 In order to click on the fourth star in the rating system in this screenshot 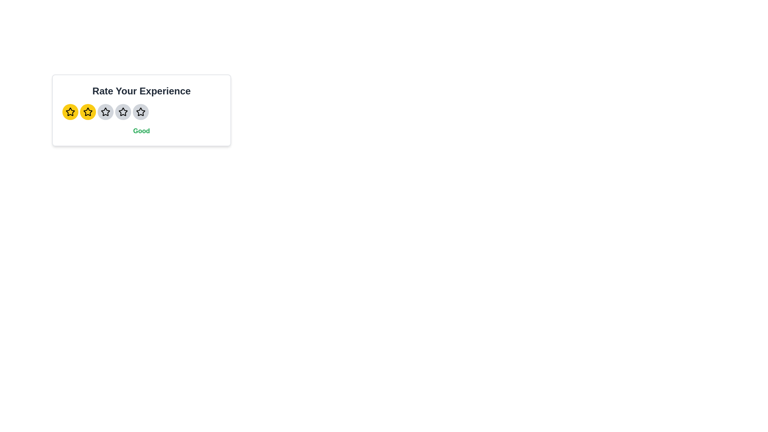, I will do `click(140, 112)`.